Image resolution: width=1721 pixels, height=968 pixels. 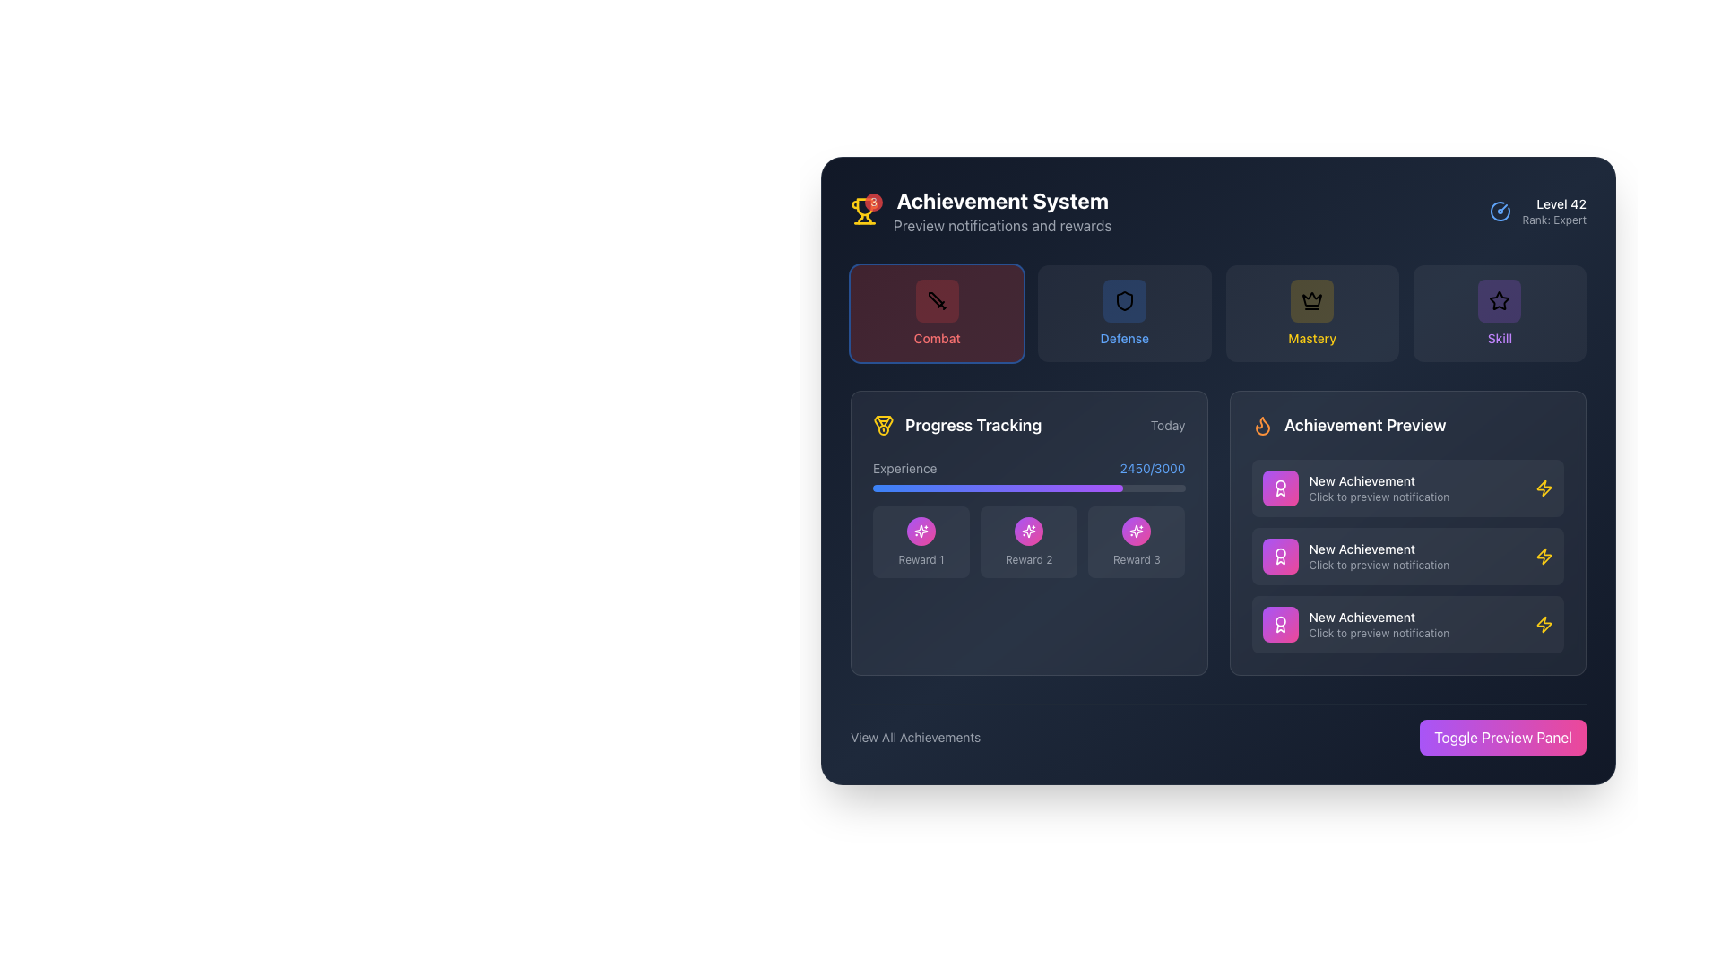 What do you see at coordinates (1001, 224) in the screenshot?
I see `the supplementary description text label located beneath the 'Achievement System' title, which provides context about notifications and rewards` at bounding box center [1001, 224].